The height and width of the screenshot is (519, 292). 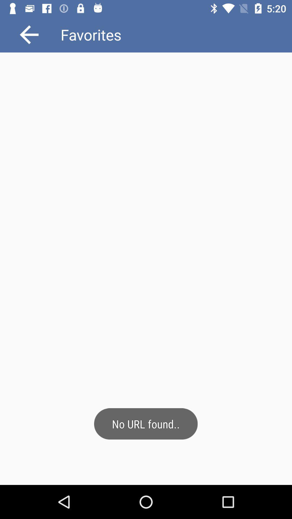 I want to click on go back, so click(x=29, y=34).